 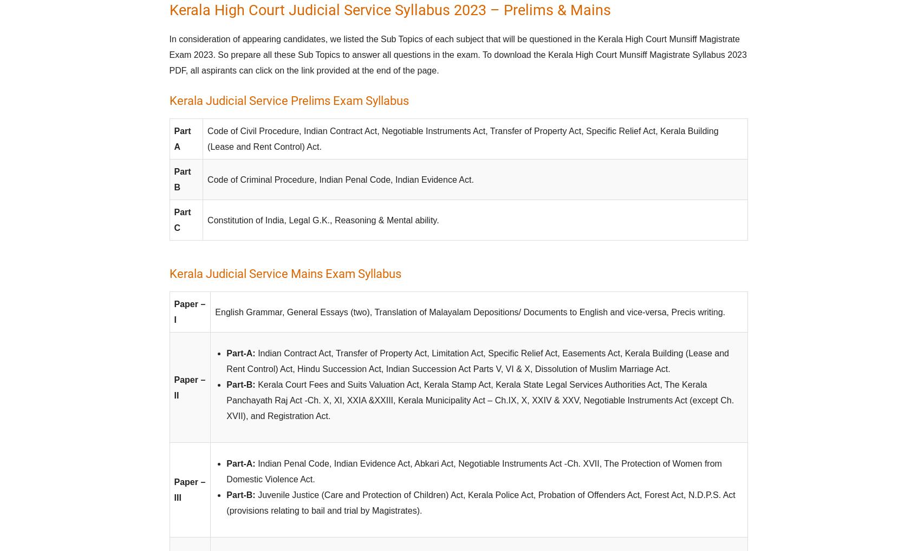 What do you see at coordinates (463, 138) in the screenshot?
I see `'Code of Civil Procedure, Indian Contract Act, Negotiable Instruments Act, Transfer of Property Act, Specific Relief Act, Kerala Building (Lease and Rent Control) Act.'` at bounding box center [463, 138].